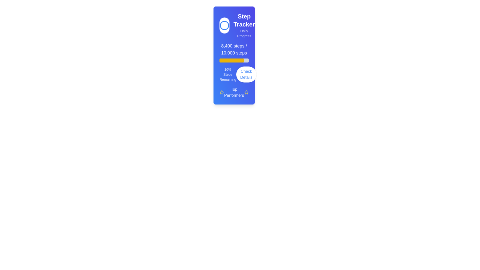 This screenshot has height=270, width=480. Describe the element at coordinates (234, 52) in the screenshot. I see `properties of the Progress Indicator showing the user's step count of 8,400 steps within the 'Step Tracker' card` at that location.